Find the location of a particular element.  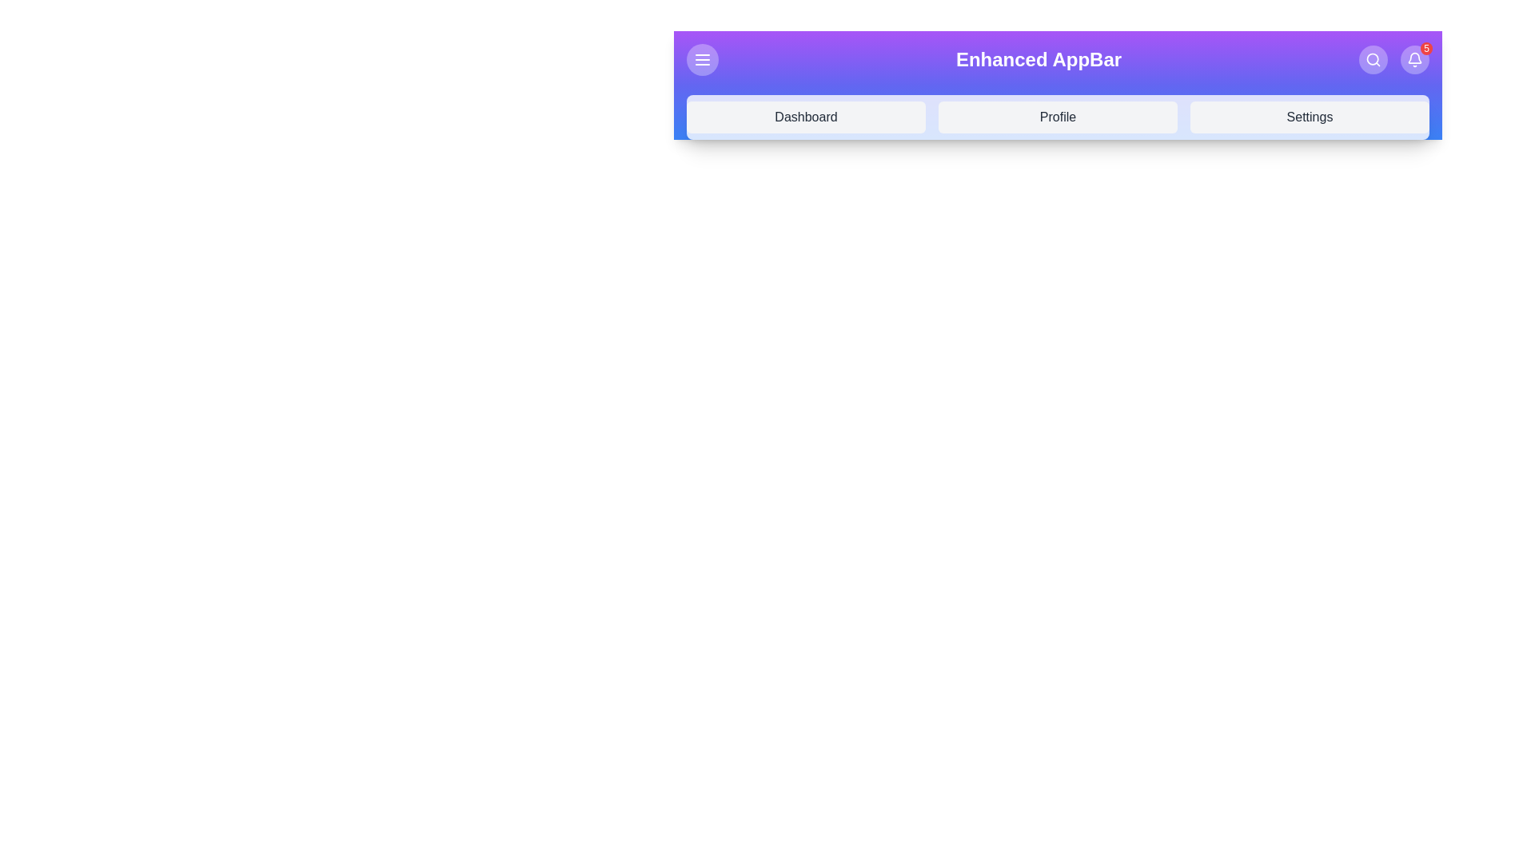

the bell icon to view notifications is located at coordinates (1415, 58).